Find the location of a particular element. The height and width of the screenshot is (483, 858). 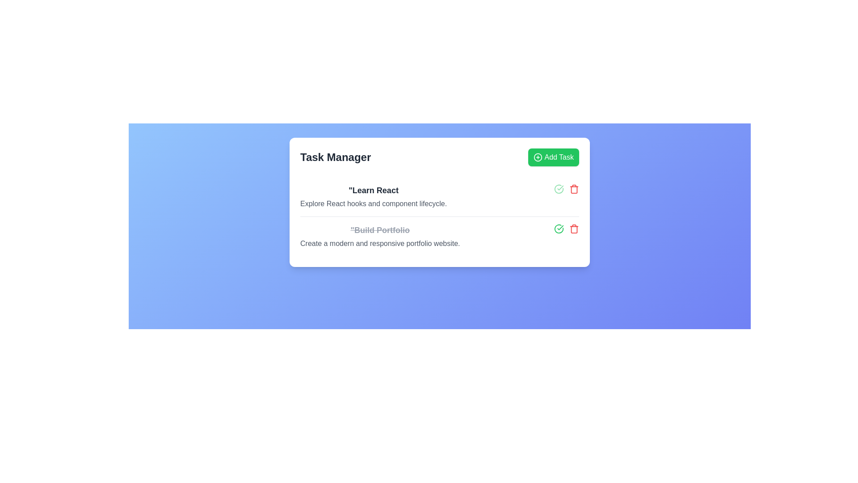

the icon button located to the right of the text 'Build Portfolio' is located at coordinates (559, 229).